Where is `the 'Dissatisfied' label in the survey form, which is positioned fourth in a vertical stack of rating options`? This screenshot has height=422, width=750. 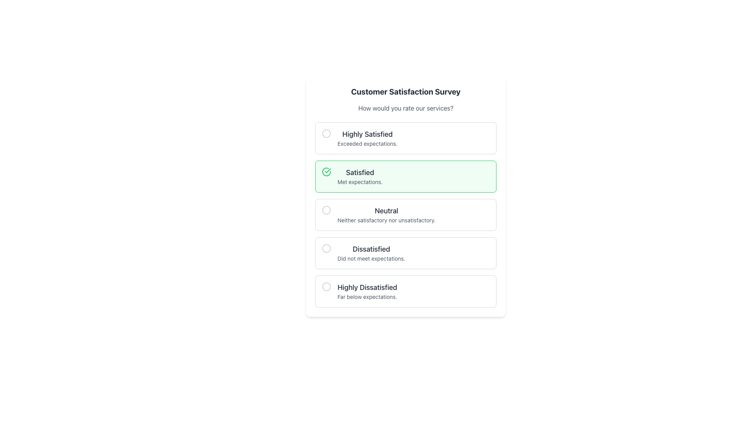
the 'Dissatisfied' label in the survey form, which is positioned fourth in a vertical stack of rating options is located at coordinates (371, 249).